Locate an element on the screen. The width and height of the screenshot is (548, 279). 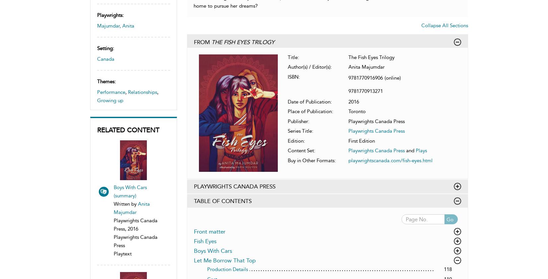
'Buy in Other Formats:' is located at coordinates (312, 160).